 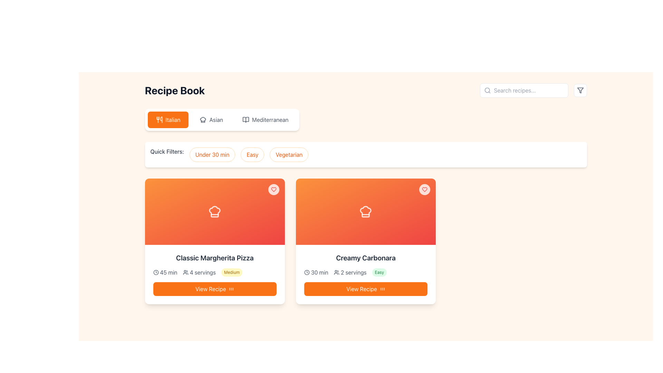 I want to click on the clock icon representing the preparation time of the recipe 'Classic Margherita Pizza', which is located in the left section of the recipe card displaying '45 min', so click(x=155, y=272).